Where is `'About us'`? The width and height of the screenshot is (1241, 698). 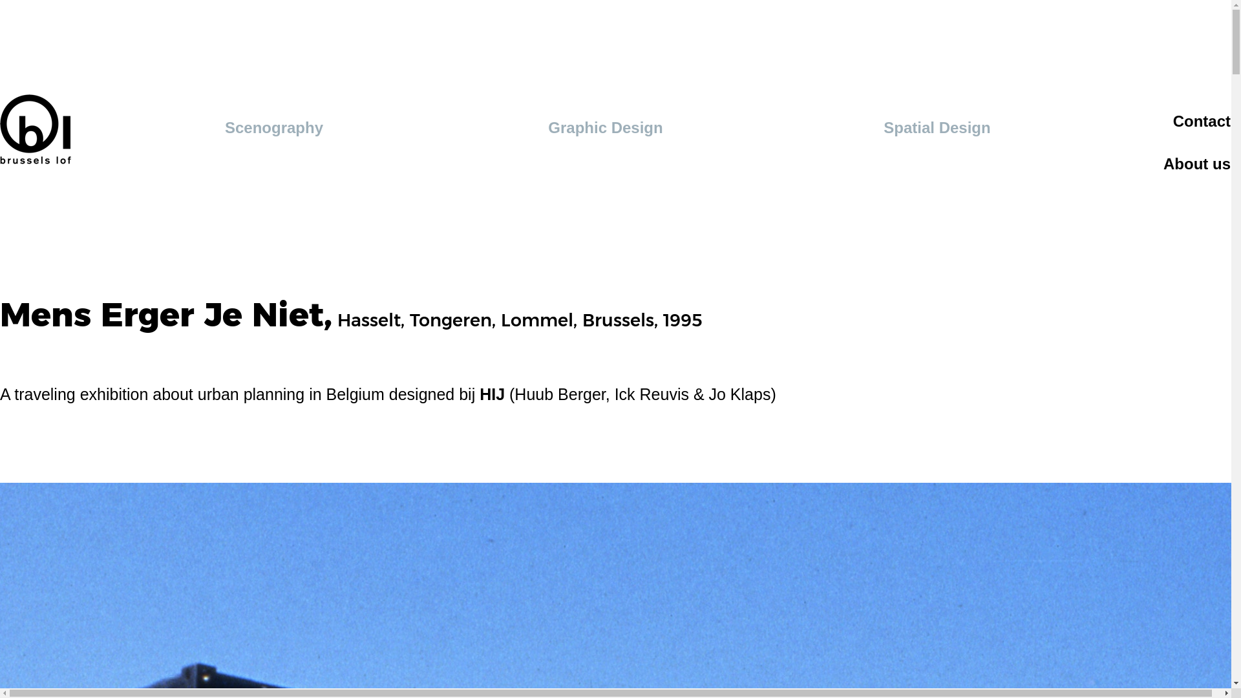
'About us' is located at coordinates (1196, 163).